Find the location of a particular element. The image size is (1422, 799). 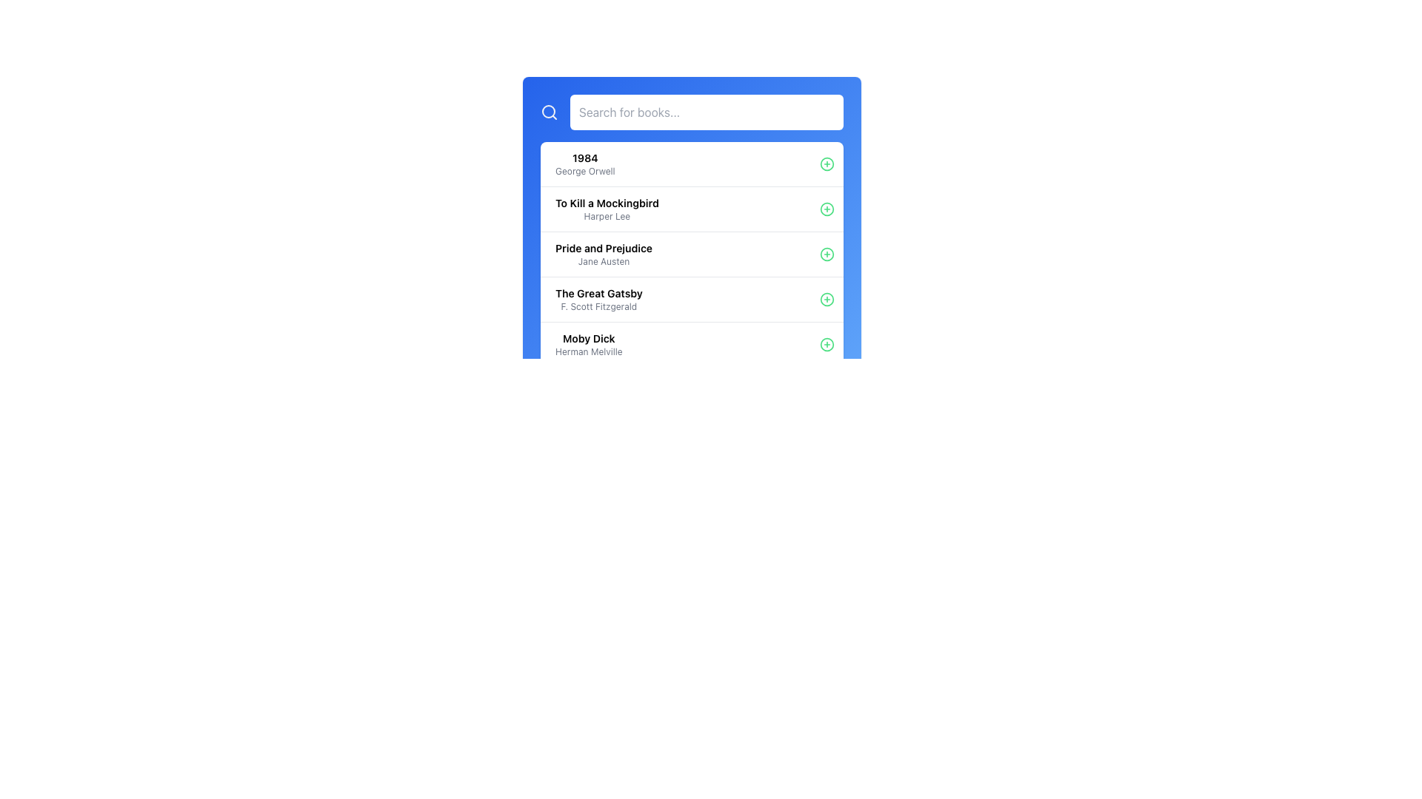

the SVG Circle element that serves as the background for the '+' symbol, which has a radius of 10 pixels is located at coordinates (827, 345).